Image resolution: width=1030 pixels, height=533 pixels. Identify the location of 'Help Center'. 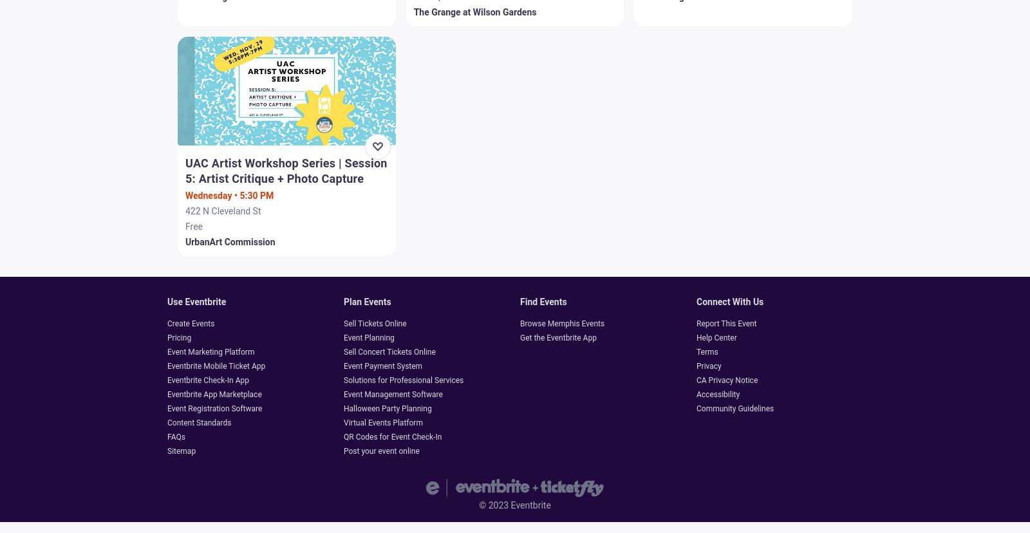
(716, 337).